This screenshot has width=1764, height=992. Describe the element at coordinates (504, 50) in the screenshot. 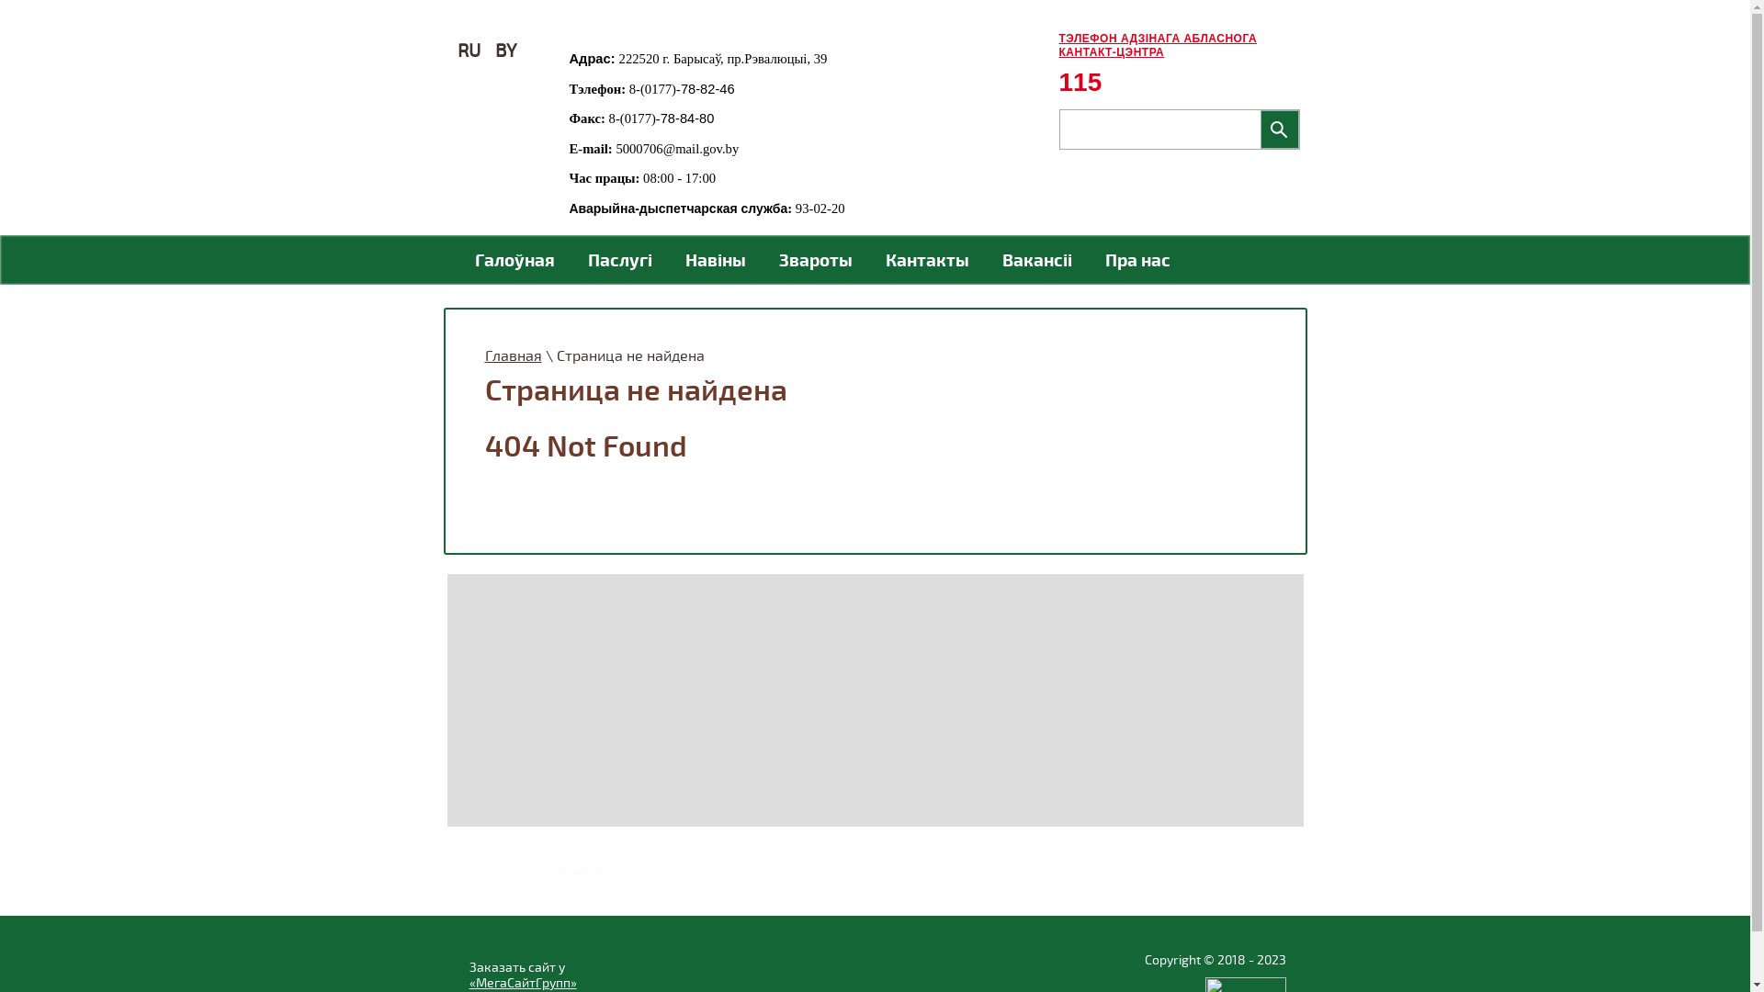

I see `'BY'` at that location.